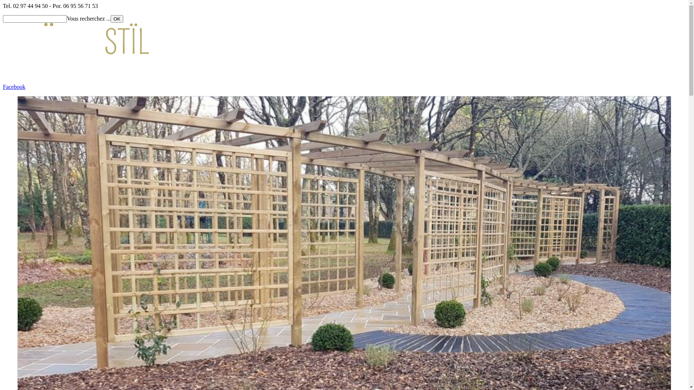  Describe the element at coordinates (14, 86) in the screenshot. I see `'Facebook'` at that location.